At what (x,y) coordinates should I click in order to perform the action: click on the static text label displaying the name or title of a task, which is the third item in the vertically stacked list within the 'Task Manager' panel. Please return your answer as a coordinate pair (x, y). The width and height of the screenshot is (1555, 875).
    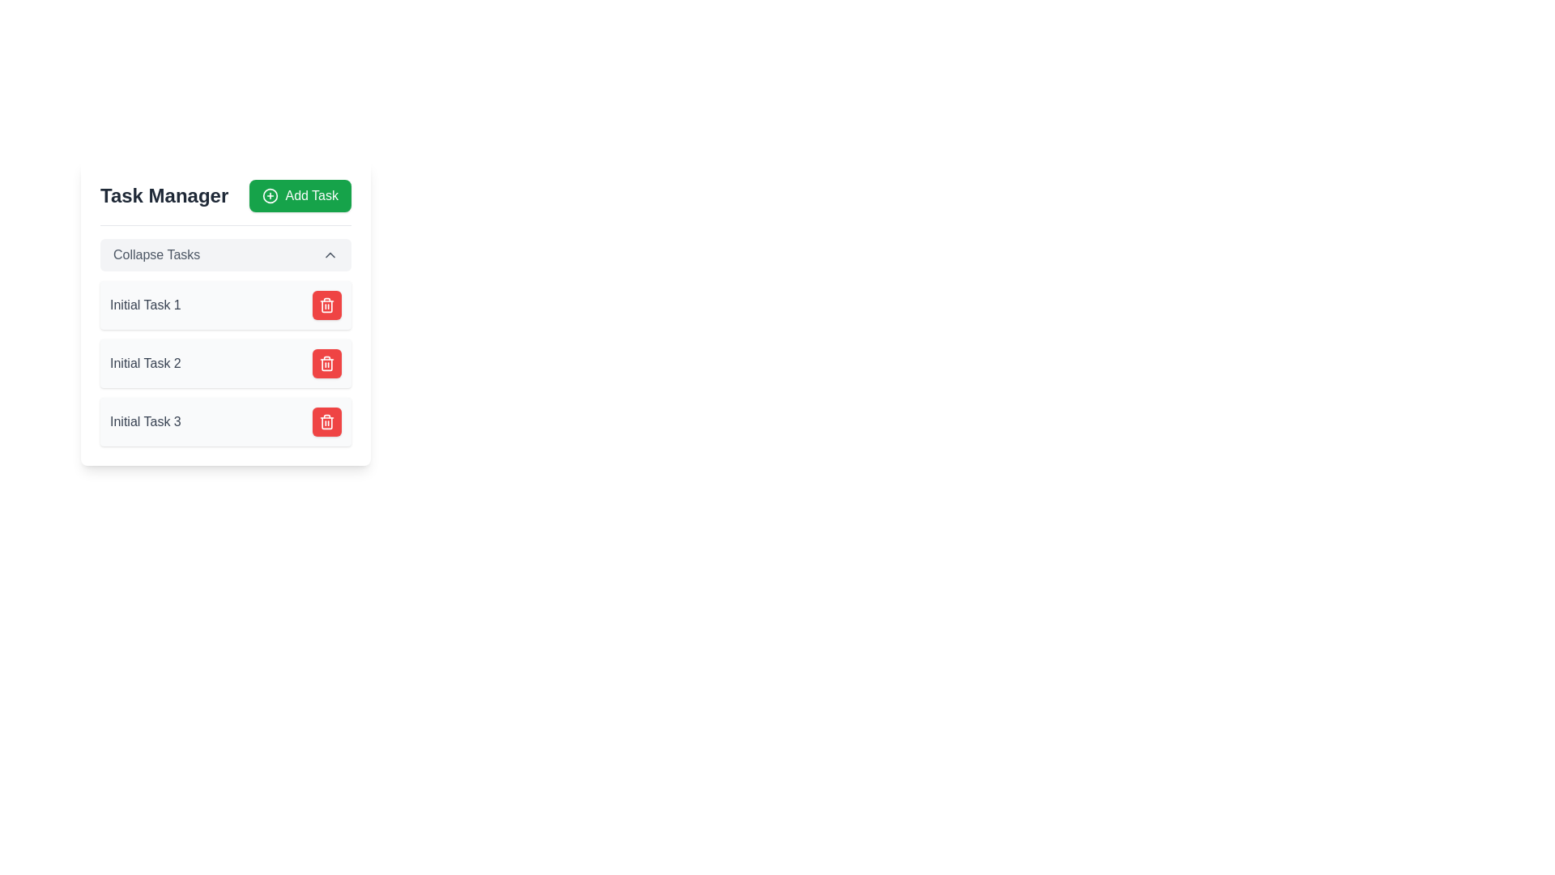
    Looking at the image, I should click on (145, 420).